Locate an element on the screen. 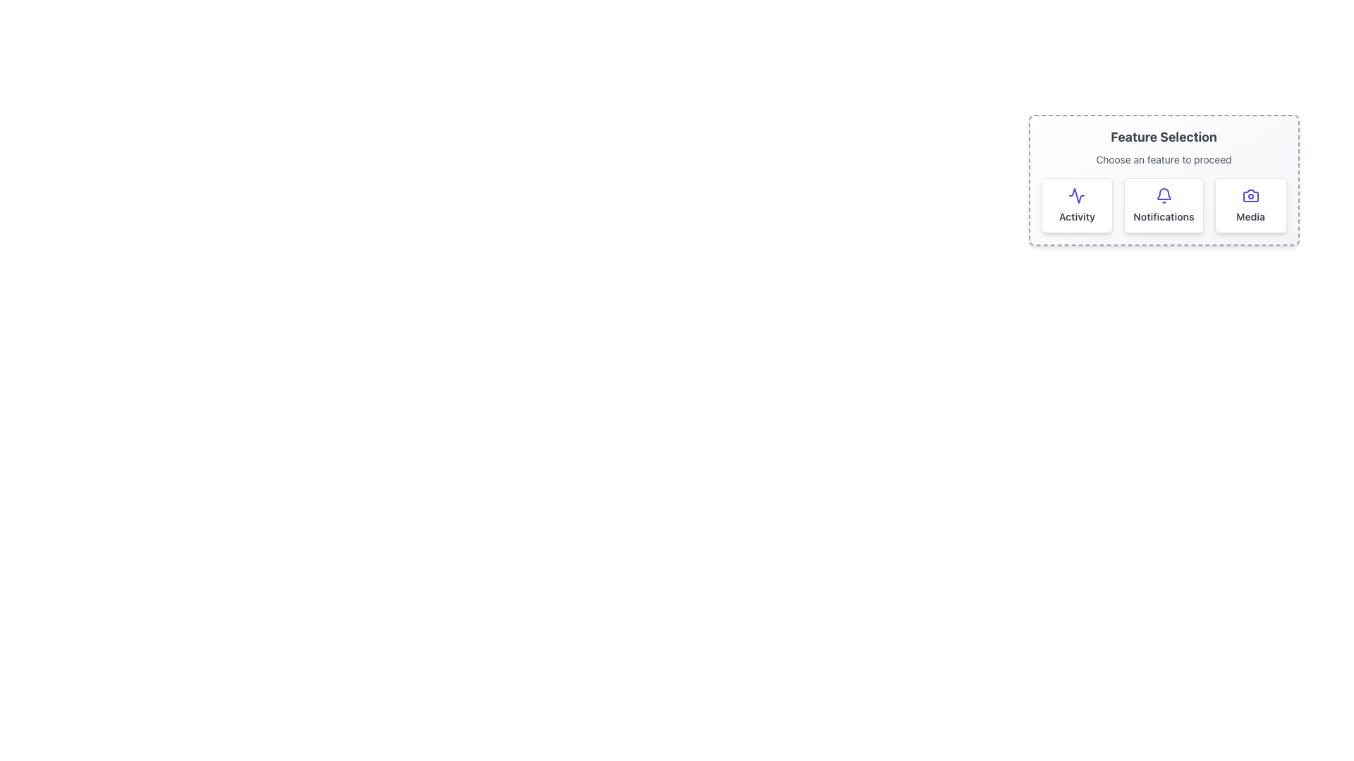 The height and width of the screenshot is (761, 1354). the 'Media' card component, which is the third option in a group of three horizontally aligned cards labeled 'Activity', 'Notifications', and 'Media' is located at coordinates (1250, 206).